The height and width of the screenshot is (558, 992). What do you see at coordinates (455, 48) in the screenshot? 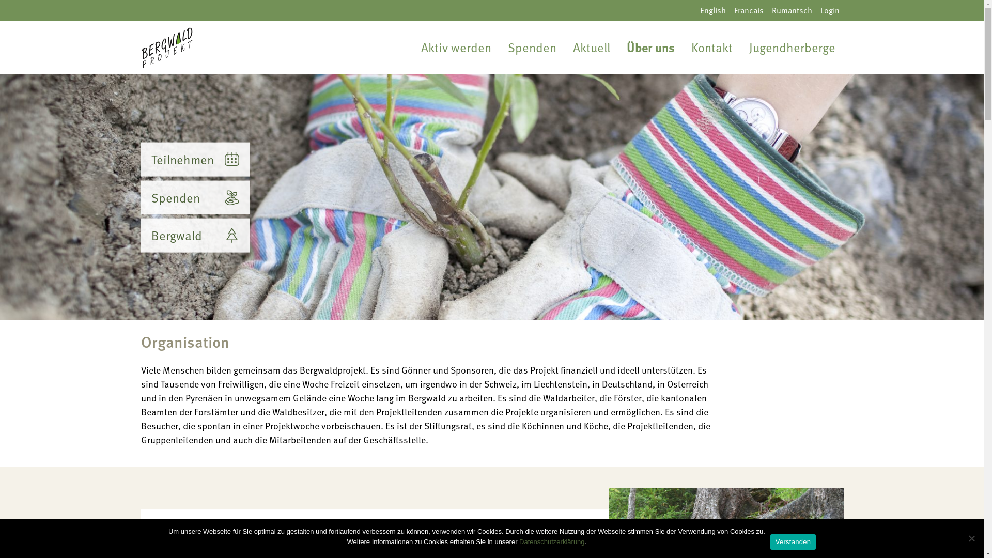
I see `'Aktiv werden'` at bounding box center [455, 48].